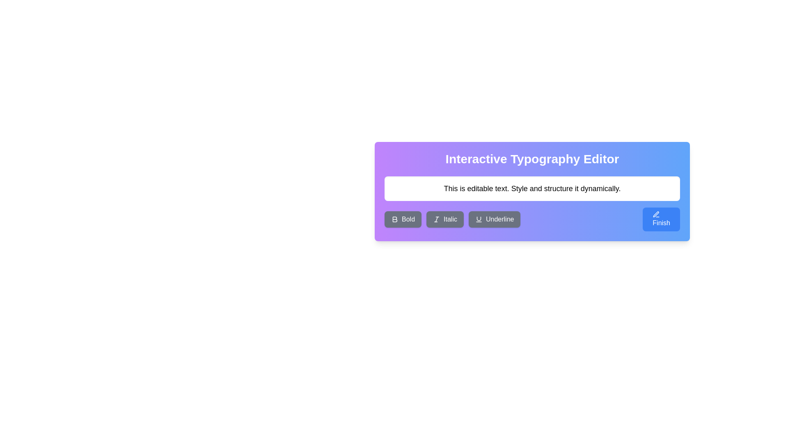 The image size is (788, 443). What do you see at coordinates (479, 219) in the screenshot?
I see `underline icon, which is a small vector graphic shaped like a 'U' with a horizontal line underneath, located in the toolbar near other text formatting options like 'Bold' and 'Italic'` at bounding box center [479, 219].